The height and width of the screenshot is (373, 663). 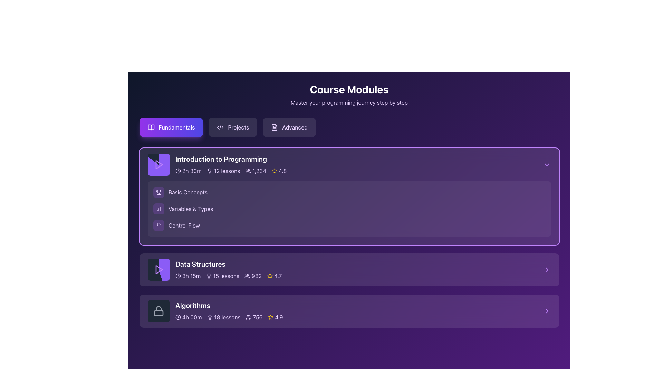 What do you see at coordinates (279, 171) in the screenshot?
I see `the Rating display located on the far right of the metadata row in the 'Introduction to Programming' section, which visually indicates the quality or popularity of the course` at bounding box center [279, 171].